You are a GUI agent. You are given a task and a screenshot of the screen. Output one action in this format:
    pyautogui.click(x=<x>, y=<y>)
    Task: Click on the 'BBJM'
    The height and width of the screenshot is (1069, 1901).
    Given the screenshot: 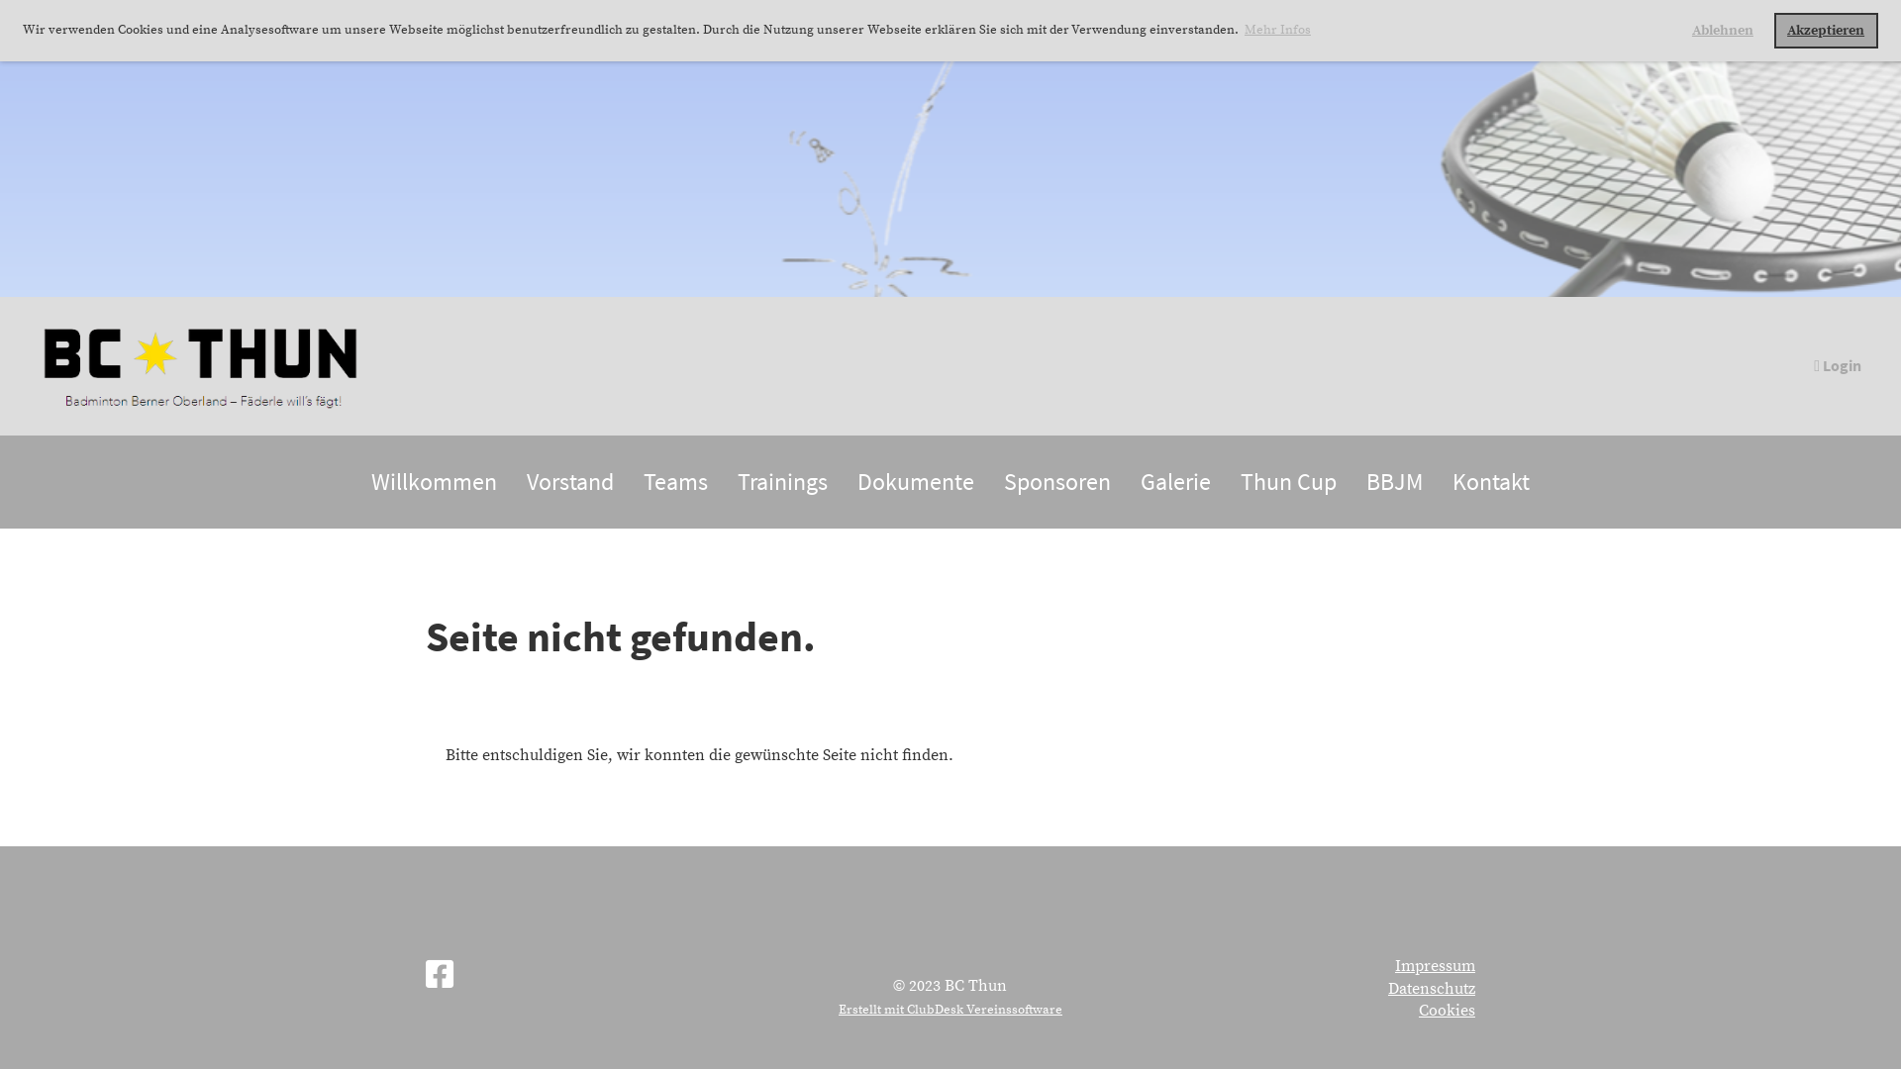 What is the action you would take?
    pyautogui.click(x=1393, y=481)
    